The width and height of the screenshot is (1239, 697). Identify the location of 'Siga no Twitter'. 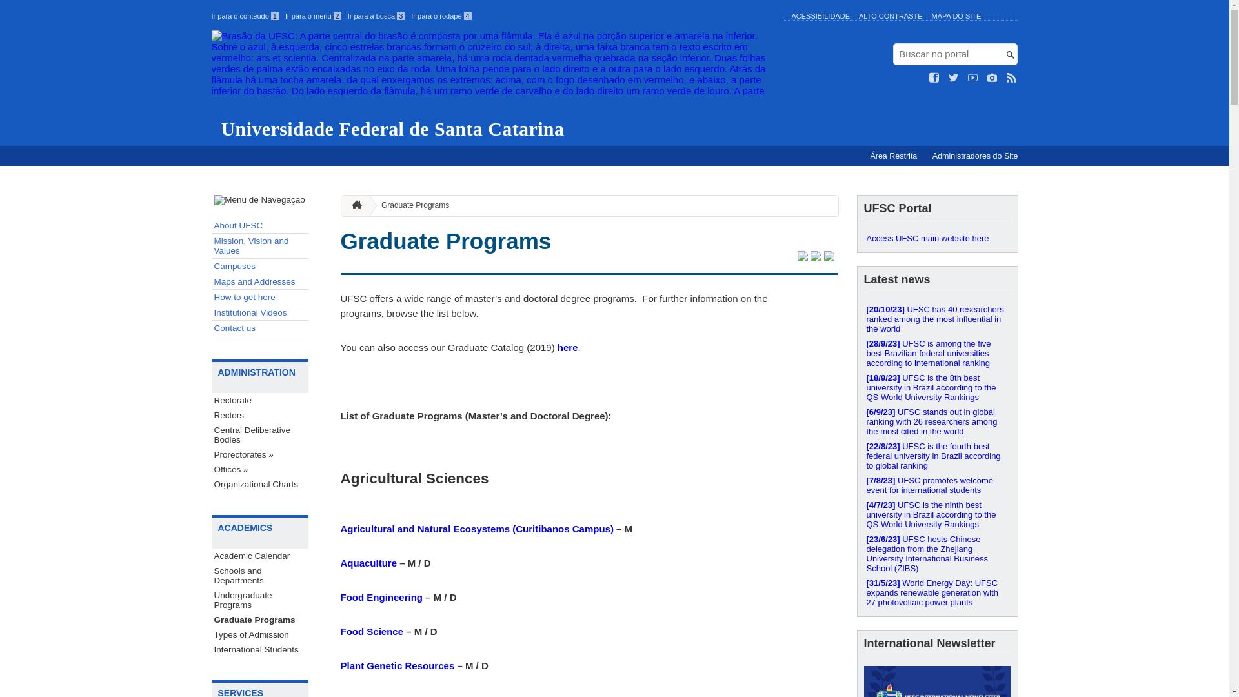
(954, 77).